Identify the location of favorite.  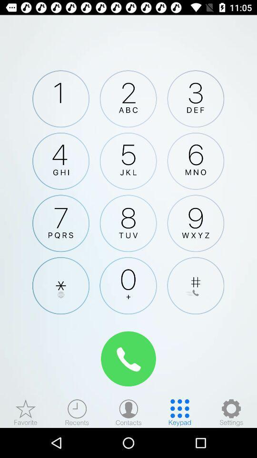
(26, 412).